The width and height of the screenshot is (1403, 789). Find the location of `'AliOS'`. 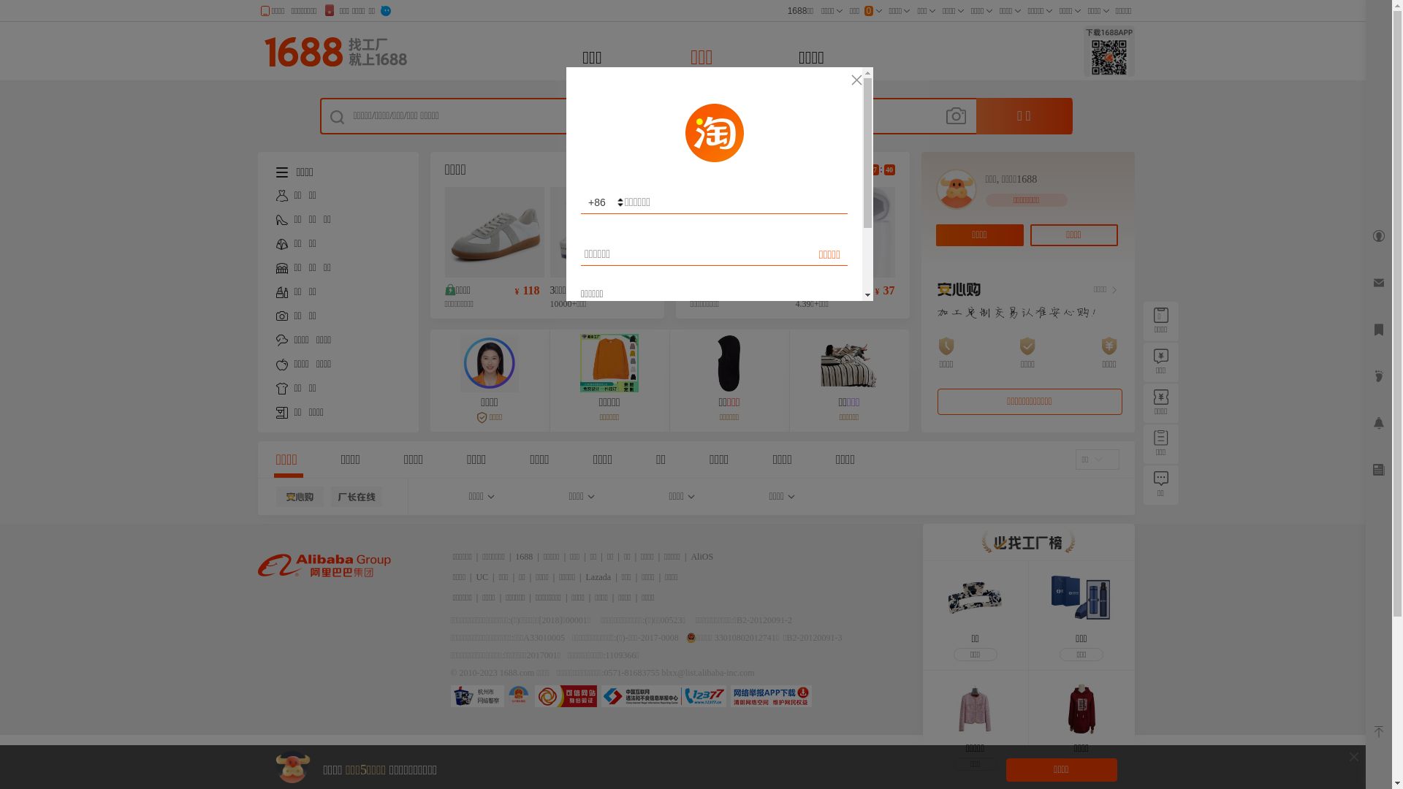

'AliOS' is located at coordinates (701, 557).